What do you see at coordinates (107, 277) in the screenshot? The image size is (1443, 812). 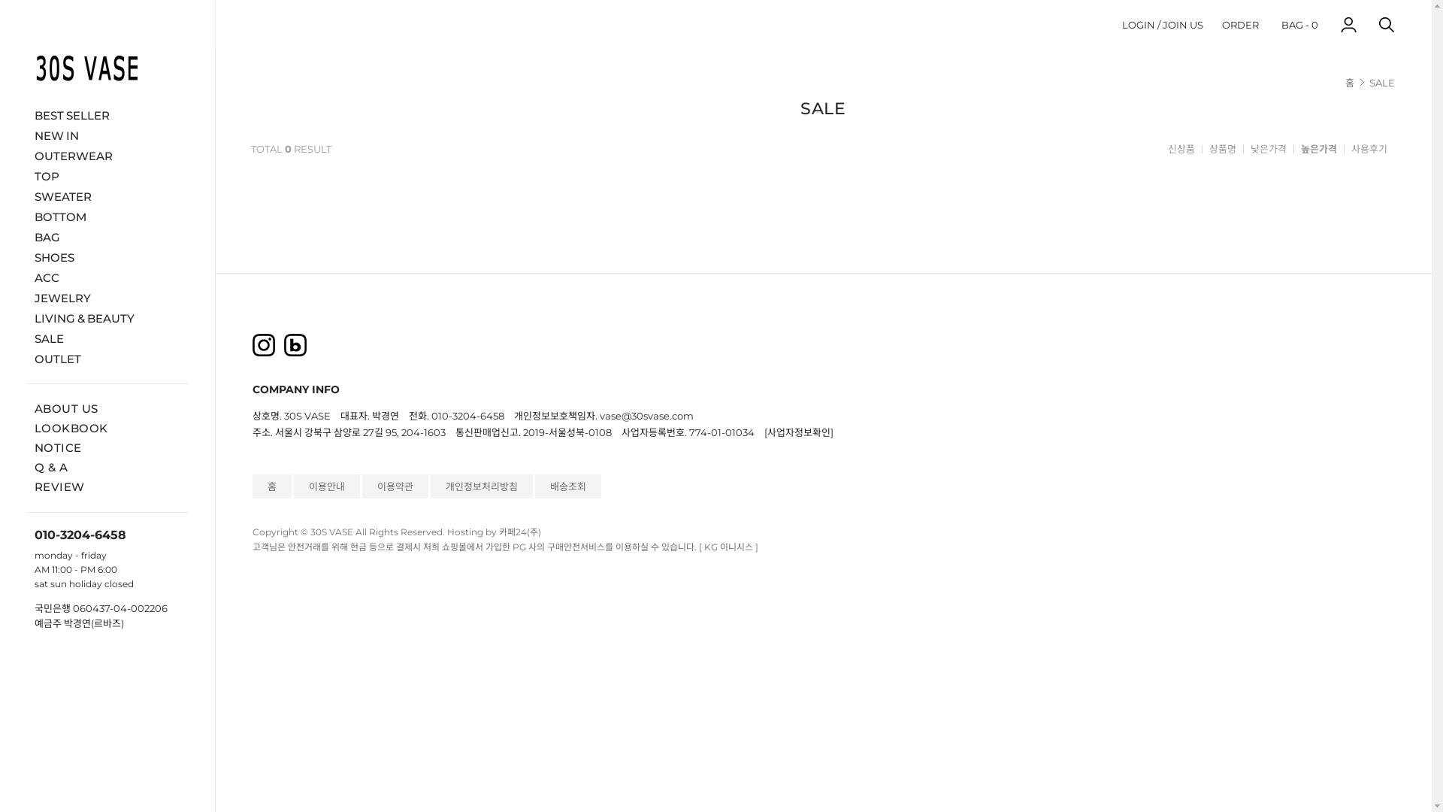 I see `'ACC'` at bounding box center [107, 277].